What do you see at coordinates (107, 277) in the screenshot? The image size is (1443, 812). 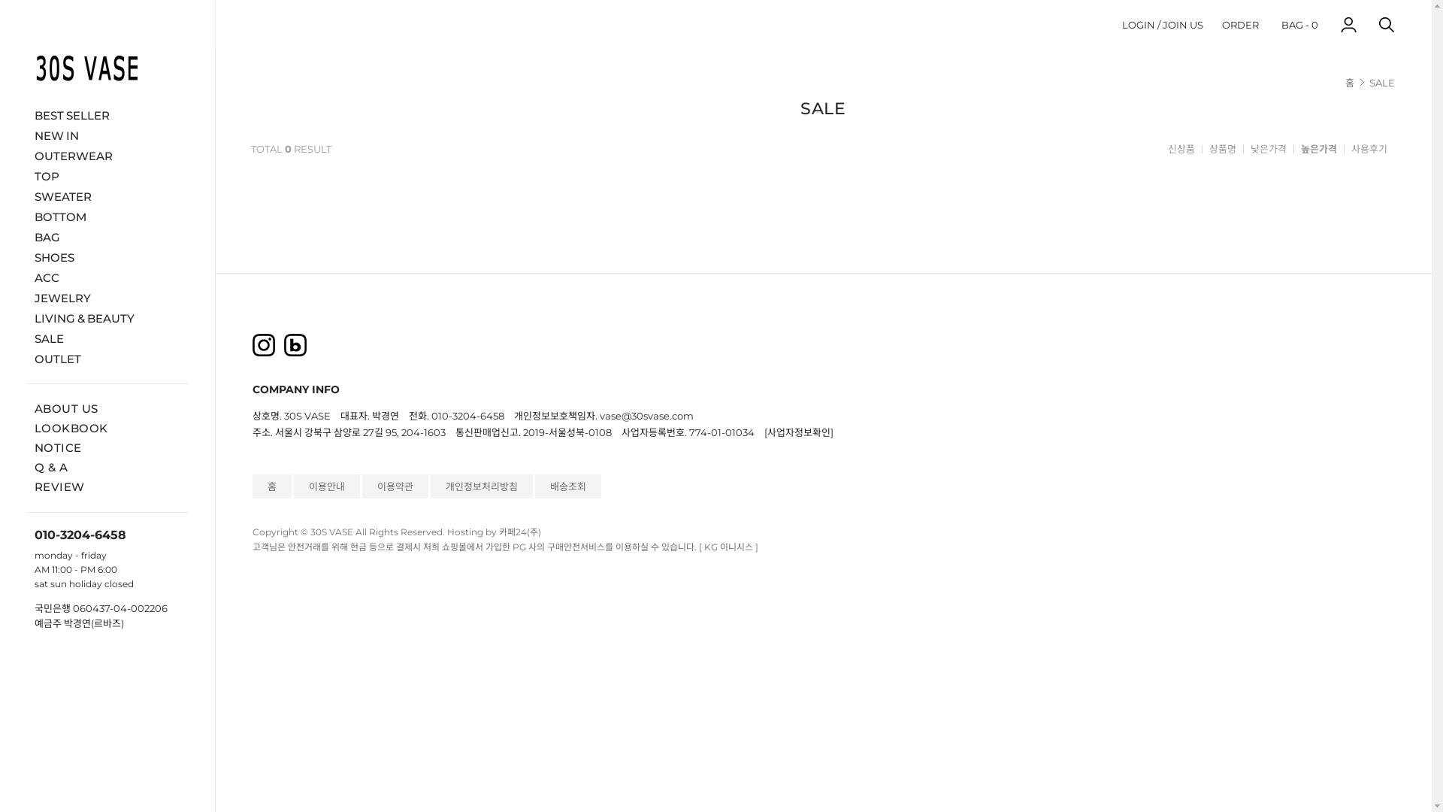 I see `'ACC'` at bounding box center [107, 277].